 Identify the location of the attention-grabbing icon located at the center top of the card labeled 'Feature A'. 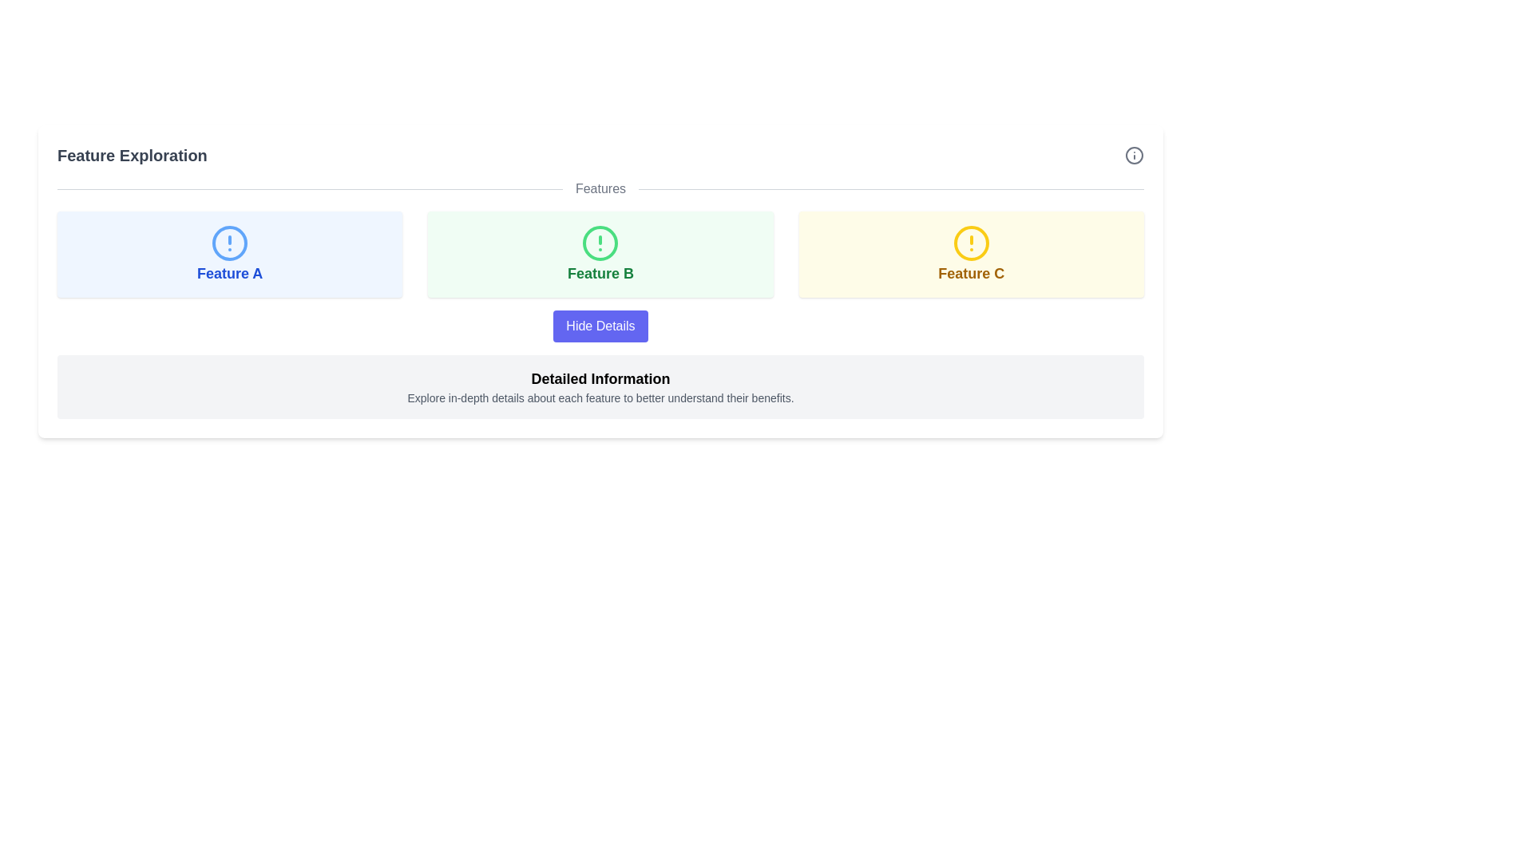
(229, 243).